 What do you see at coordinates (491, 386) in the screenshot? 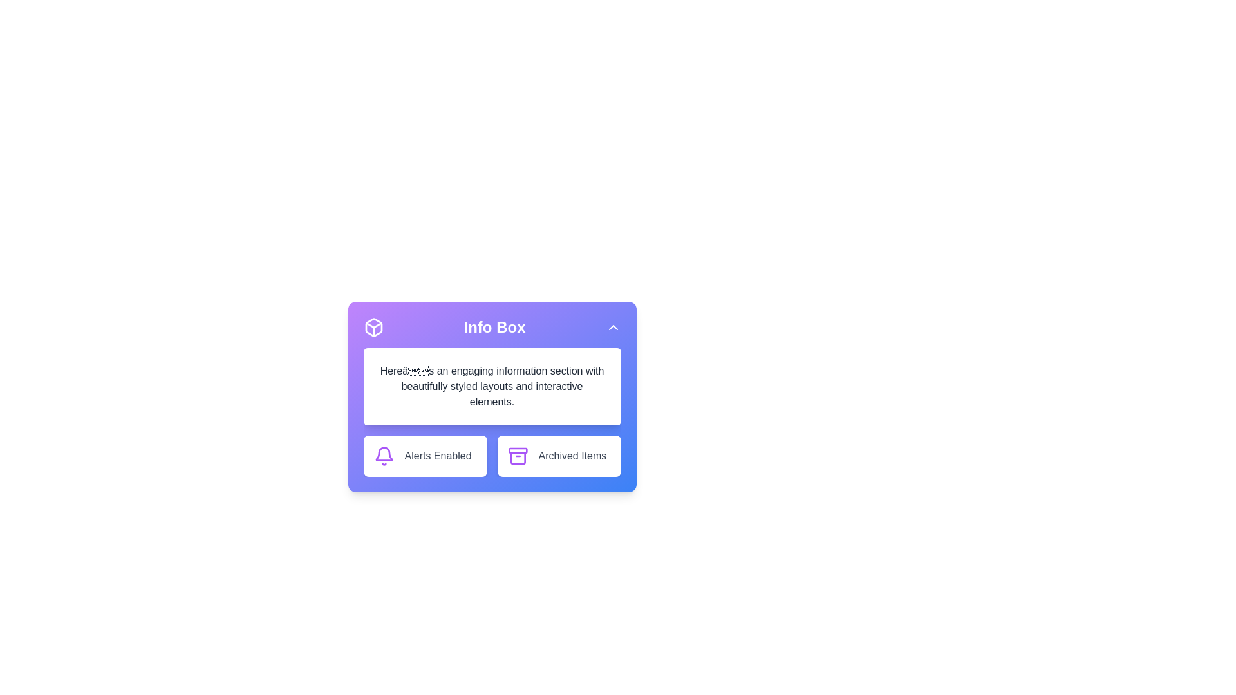
I see `the text block containing the content 'Here’s an engaging information section with beautifully styled layouts and interactive elements.', which is displayed in gray font within the 'Info Box' card` at bounding box center [491, 386].